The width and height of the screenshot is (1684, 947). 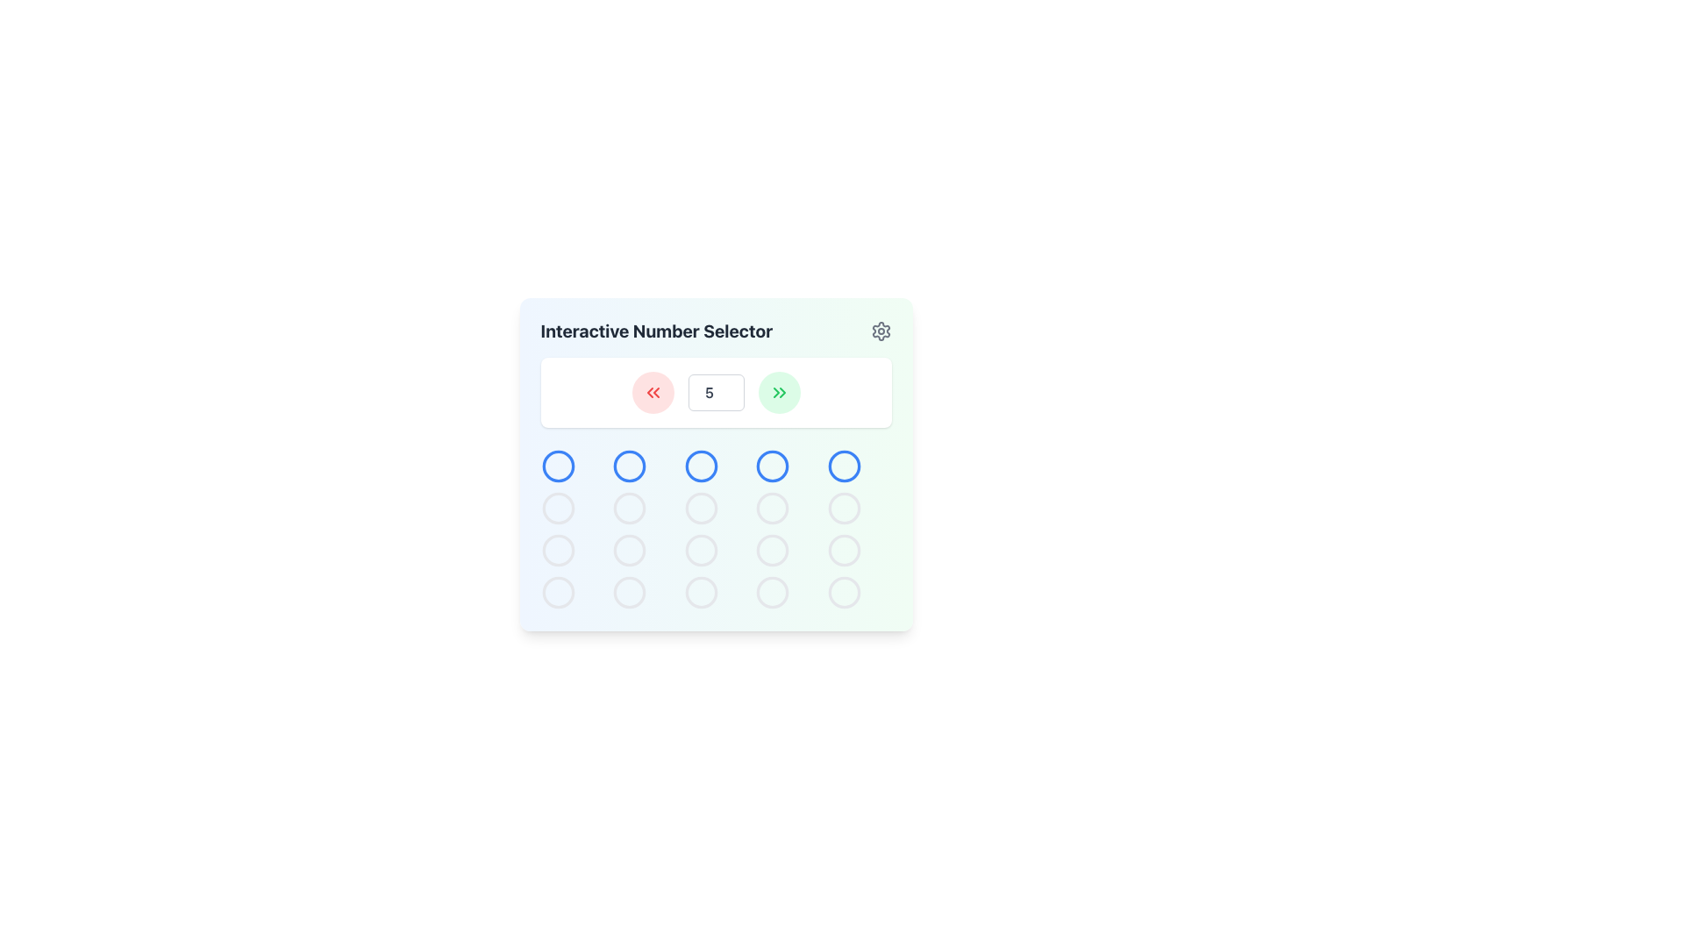 What do you see at coordinates (772, 592) in the screenshot?
I see `inactive circular icon in the fifth column and fourth row of the interactive number selector grid` at bounding box center [772, 592].